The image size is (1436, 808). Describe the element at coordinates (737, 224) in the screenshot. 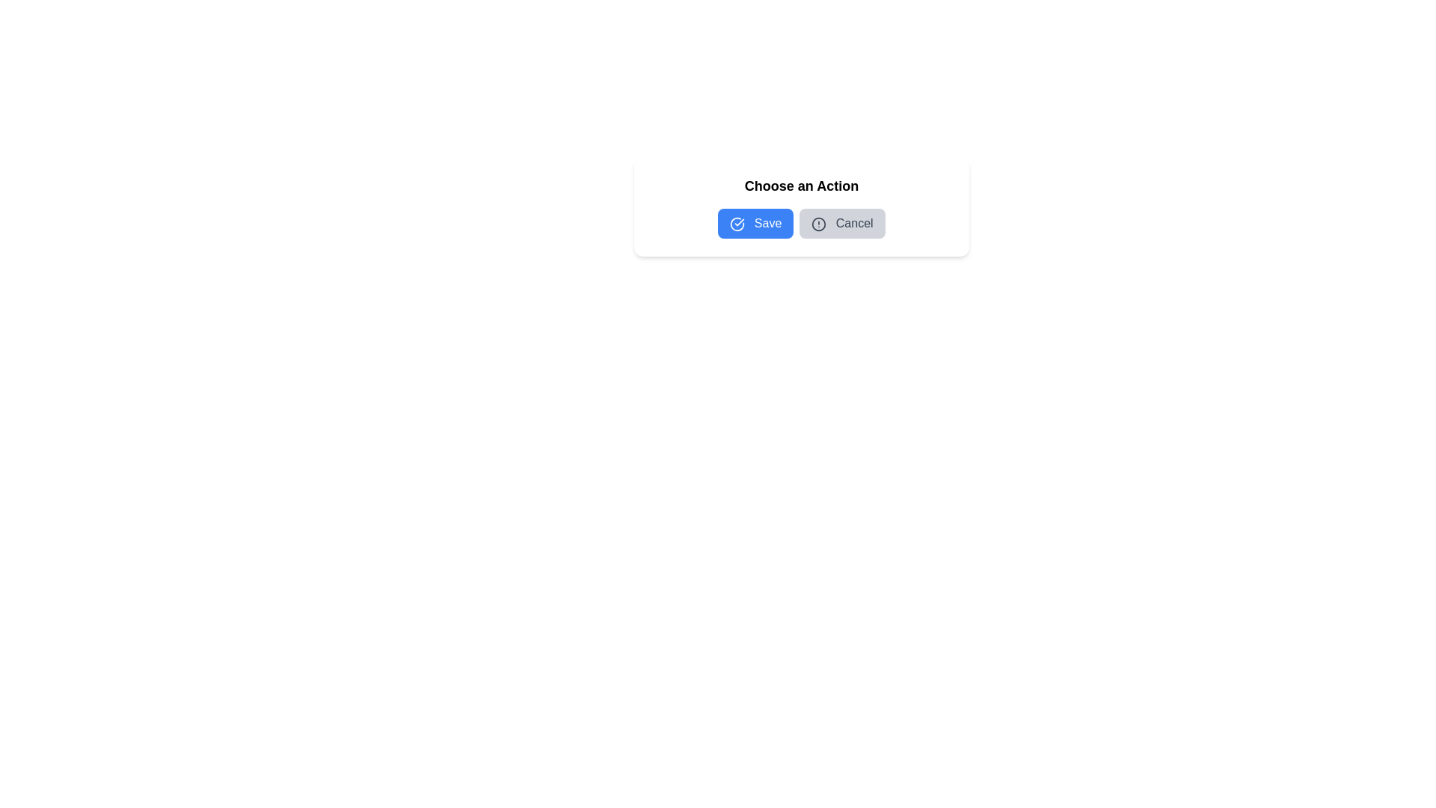

I see `the circular check mark icon located within the 'Save' button, which is the leftmost button of the button group in the dialog` at that location.